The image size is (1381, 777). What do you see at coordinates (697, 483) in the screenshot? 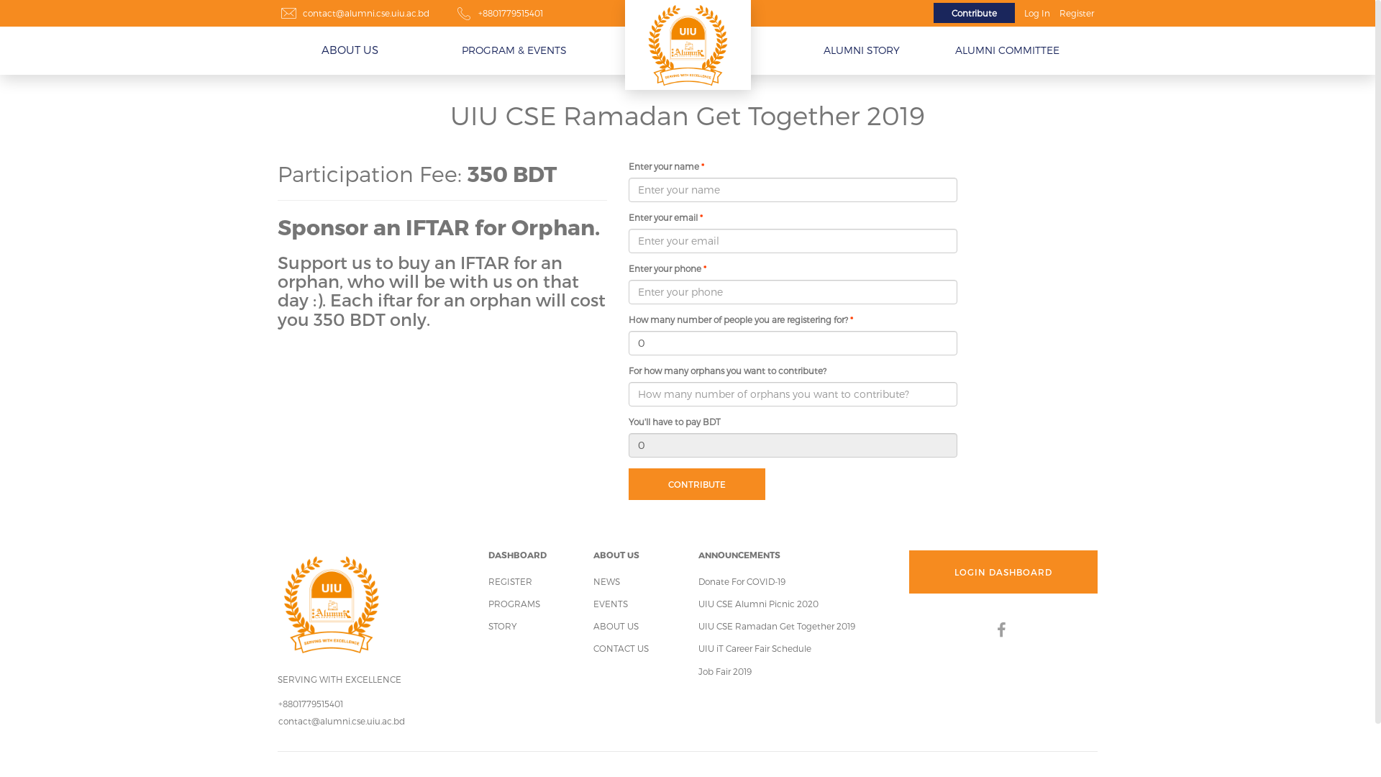
I see `'CONTRIBUTE'` at bounding box center [697, 483].